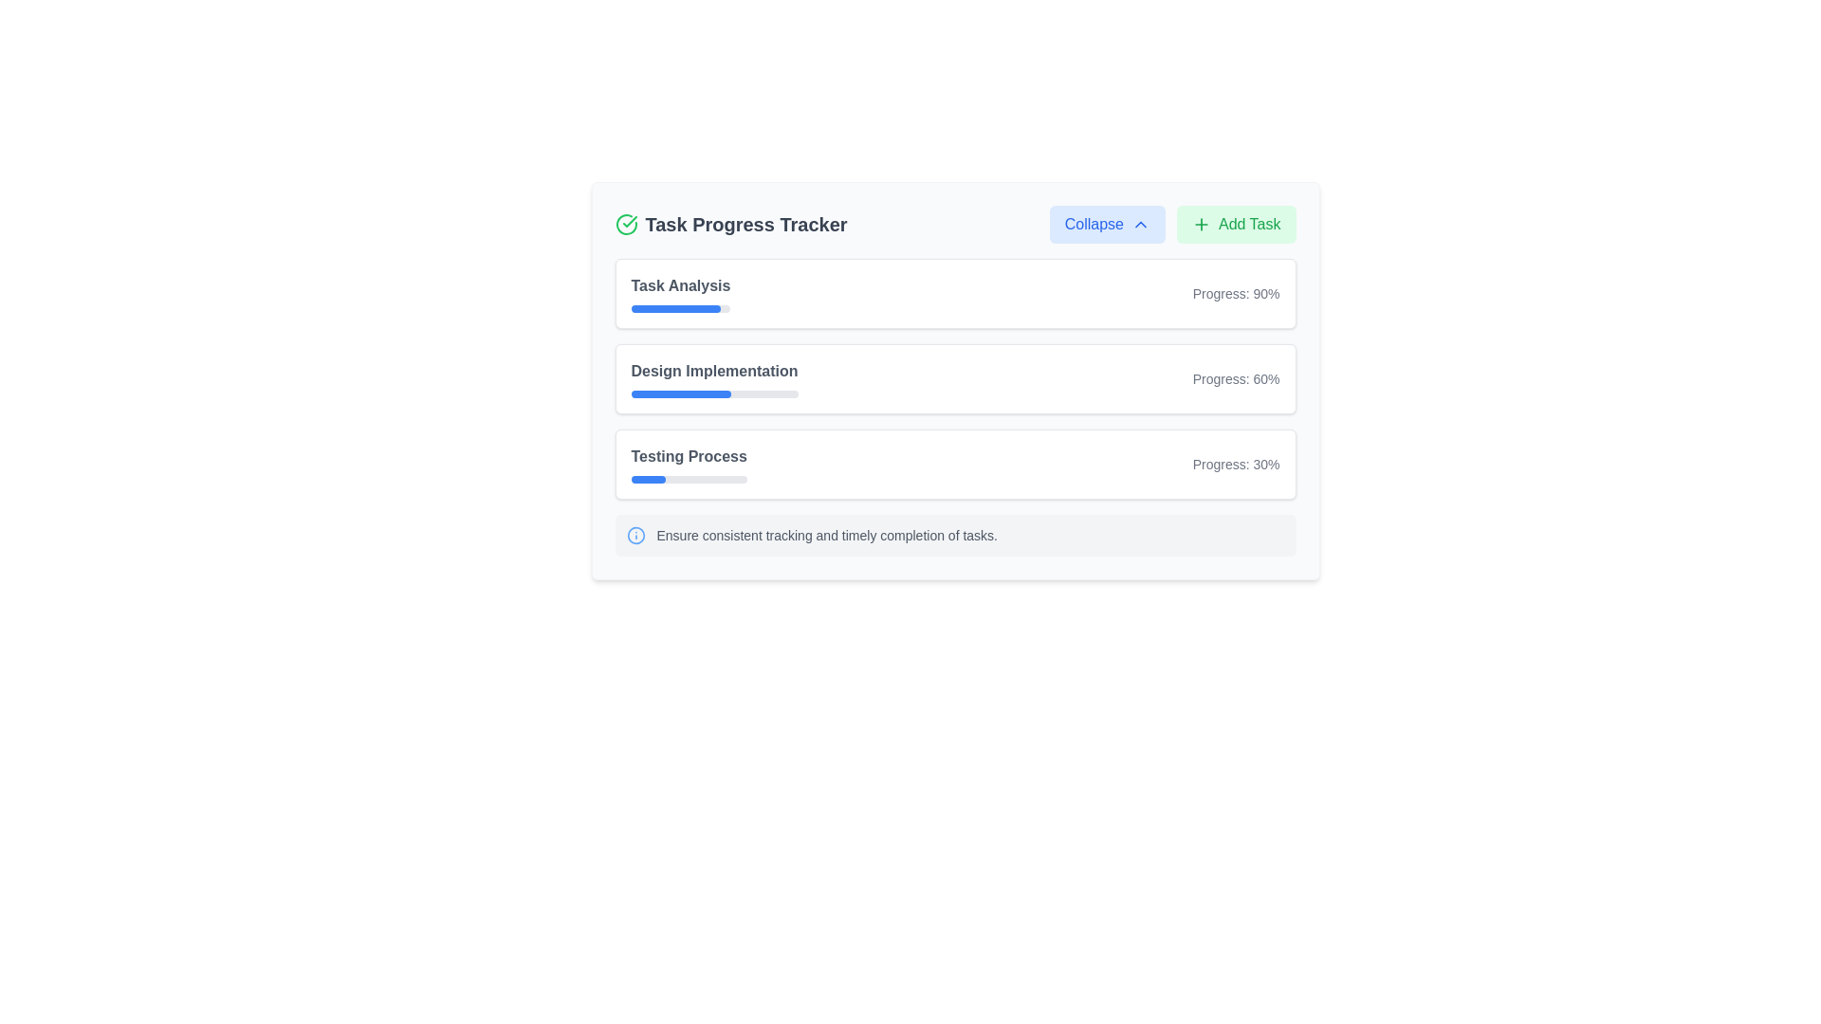 The height and width of the screenshot is (1024, 1821). I want to click on the success indicator icon located below the 'Task Progress Tracker' heading in the upper-left corner of the interface, so click(629, 221).